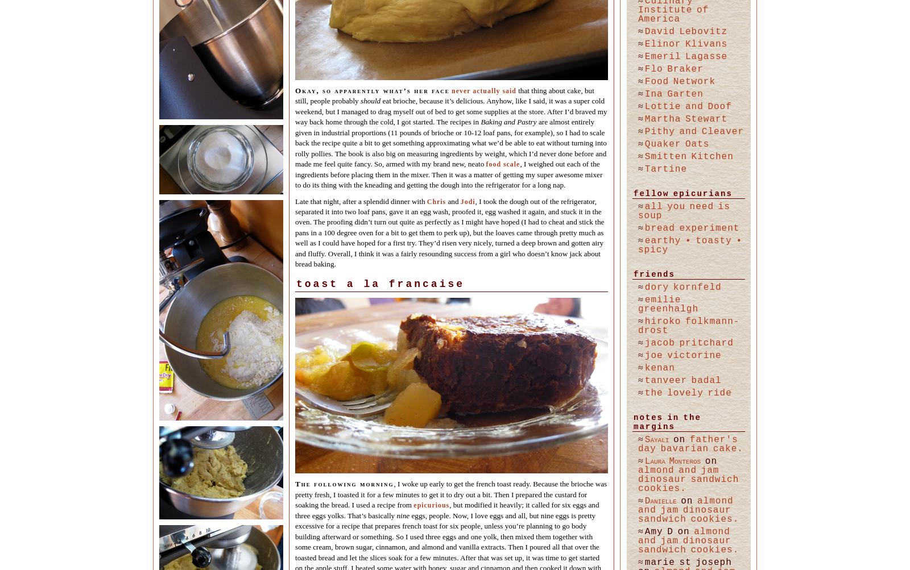 This screenshot has height=570, width=910. What do you see at coordinates (690, 444) in the screenshot?
I see `'father's day bavarian cake.'` at bounding box center [690, 444].